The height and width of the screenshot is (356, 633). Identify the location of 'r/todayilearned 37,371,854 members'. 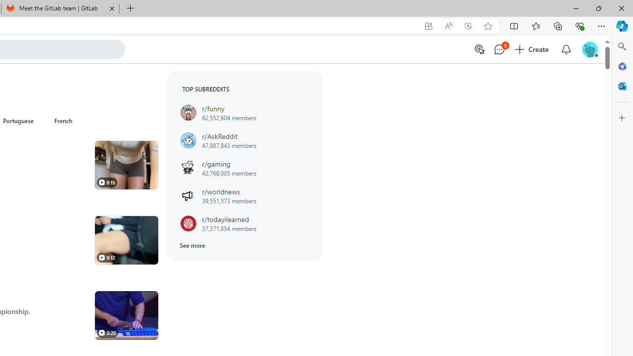
(244, 223).